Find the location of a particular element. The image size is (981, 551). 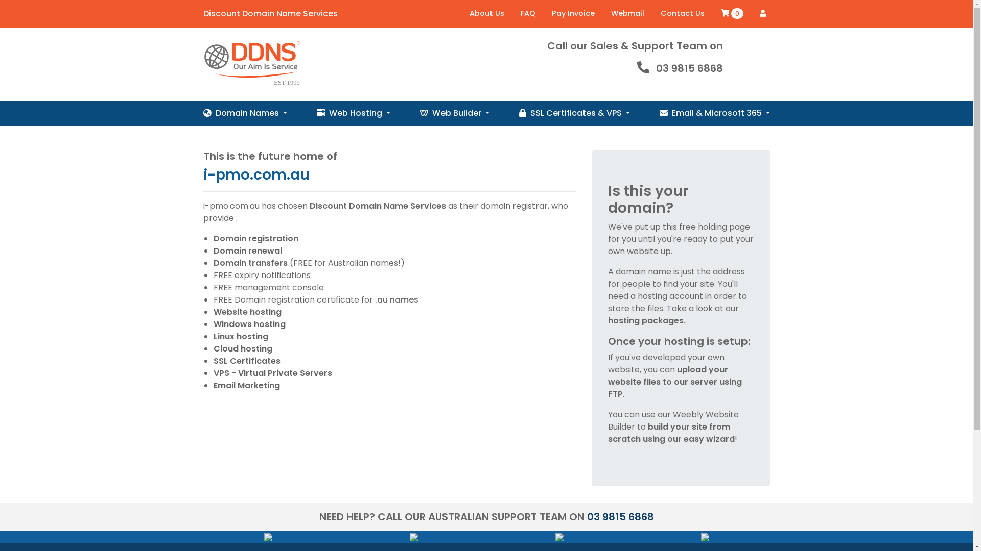

'Domain renewal' is located at coordinates (247, 251).